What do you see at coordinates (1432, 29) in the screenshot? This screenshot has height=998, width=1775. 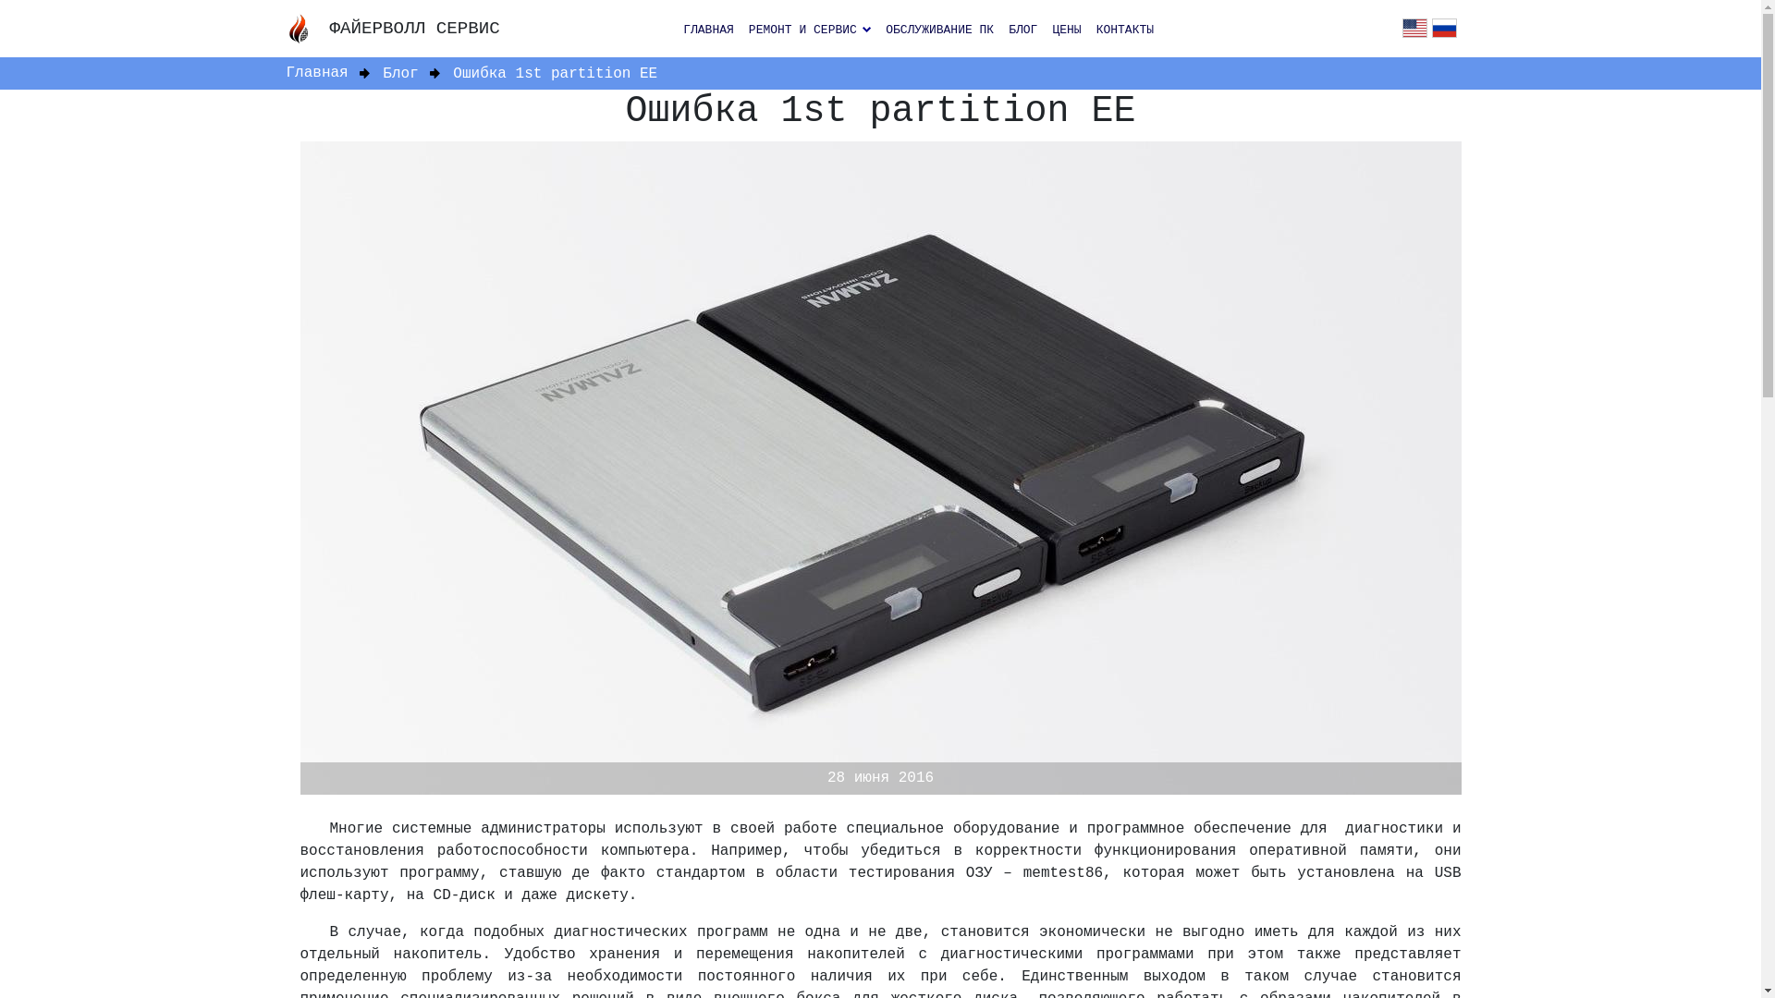 I see `'ru'` at bounding box center [1432, 29].